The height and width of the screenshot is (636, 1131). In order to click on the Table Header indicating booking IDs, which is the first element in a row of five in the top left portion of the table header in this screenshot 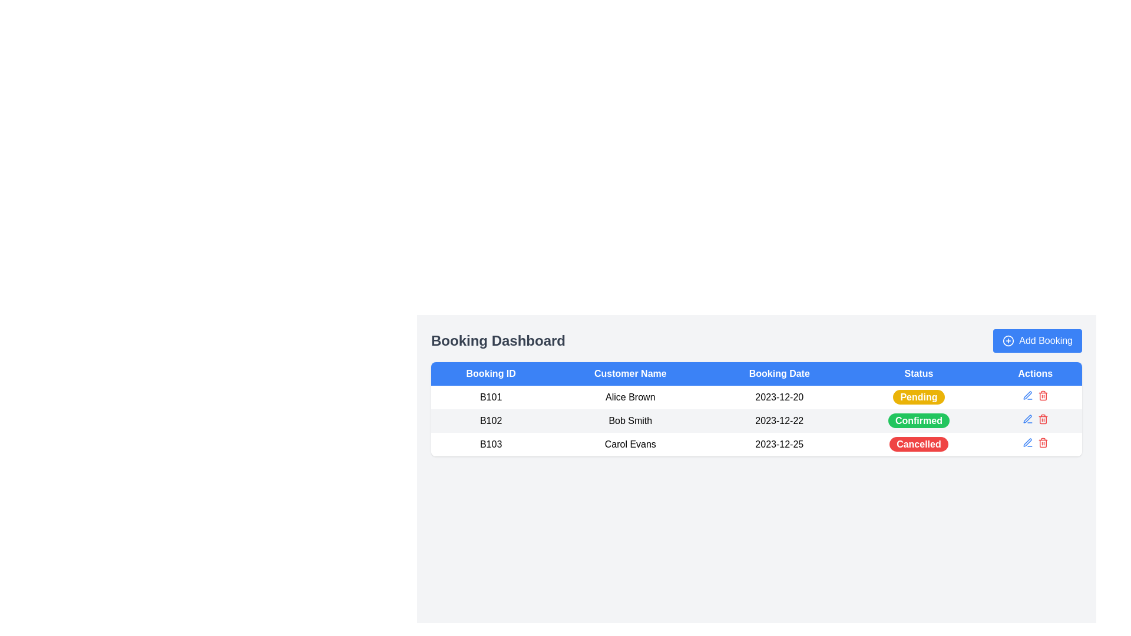, I will do `click(491, 374)`.